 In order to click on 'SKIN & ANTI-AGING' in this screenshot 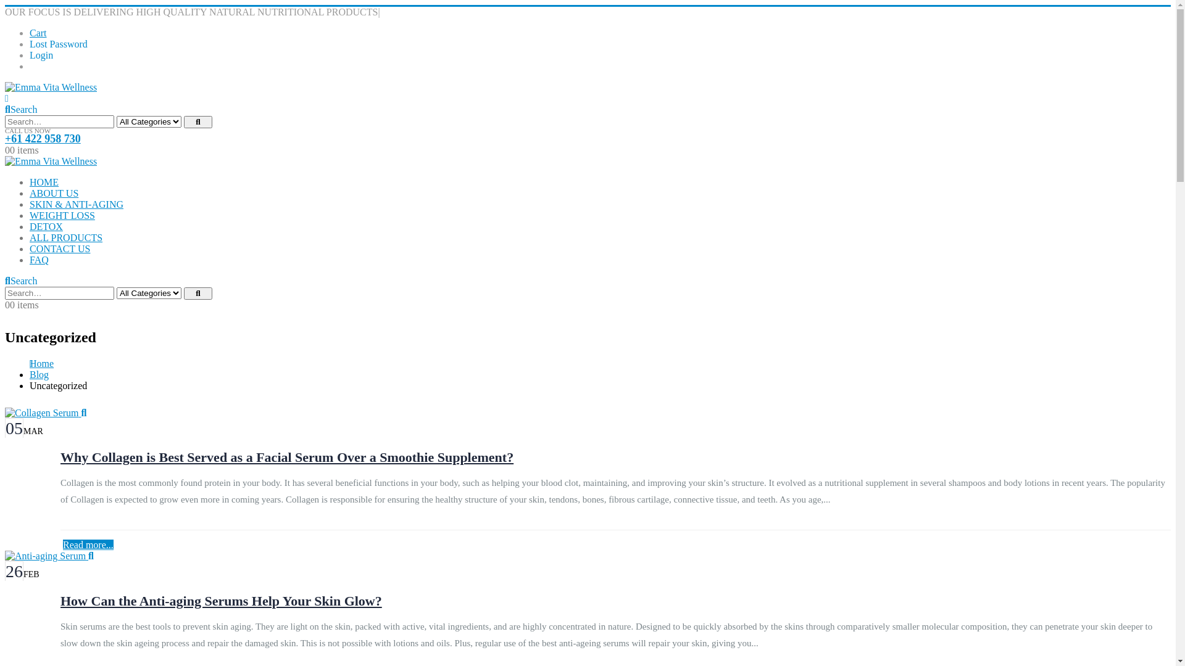, I will do `click(76, 203)`.